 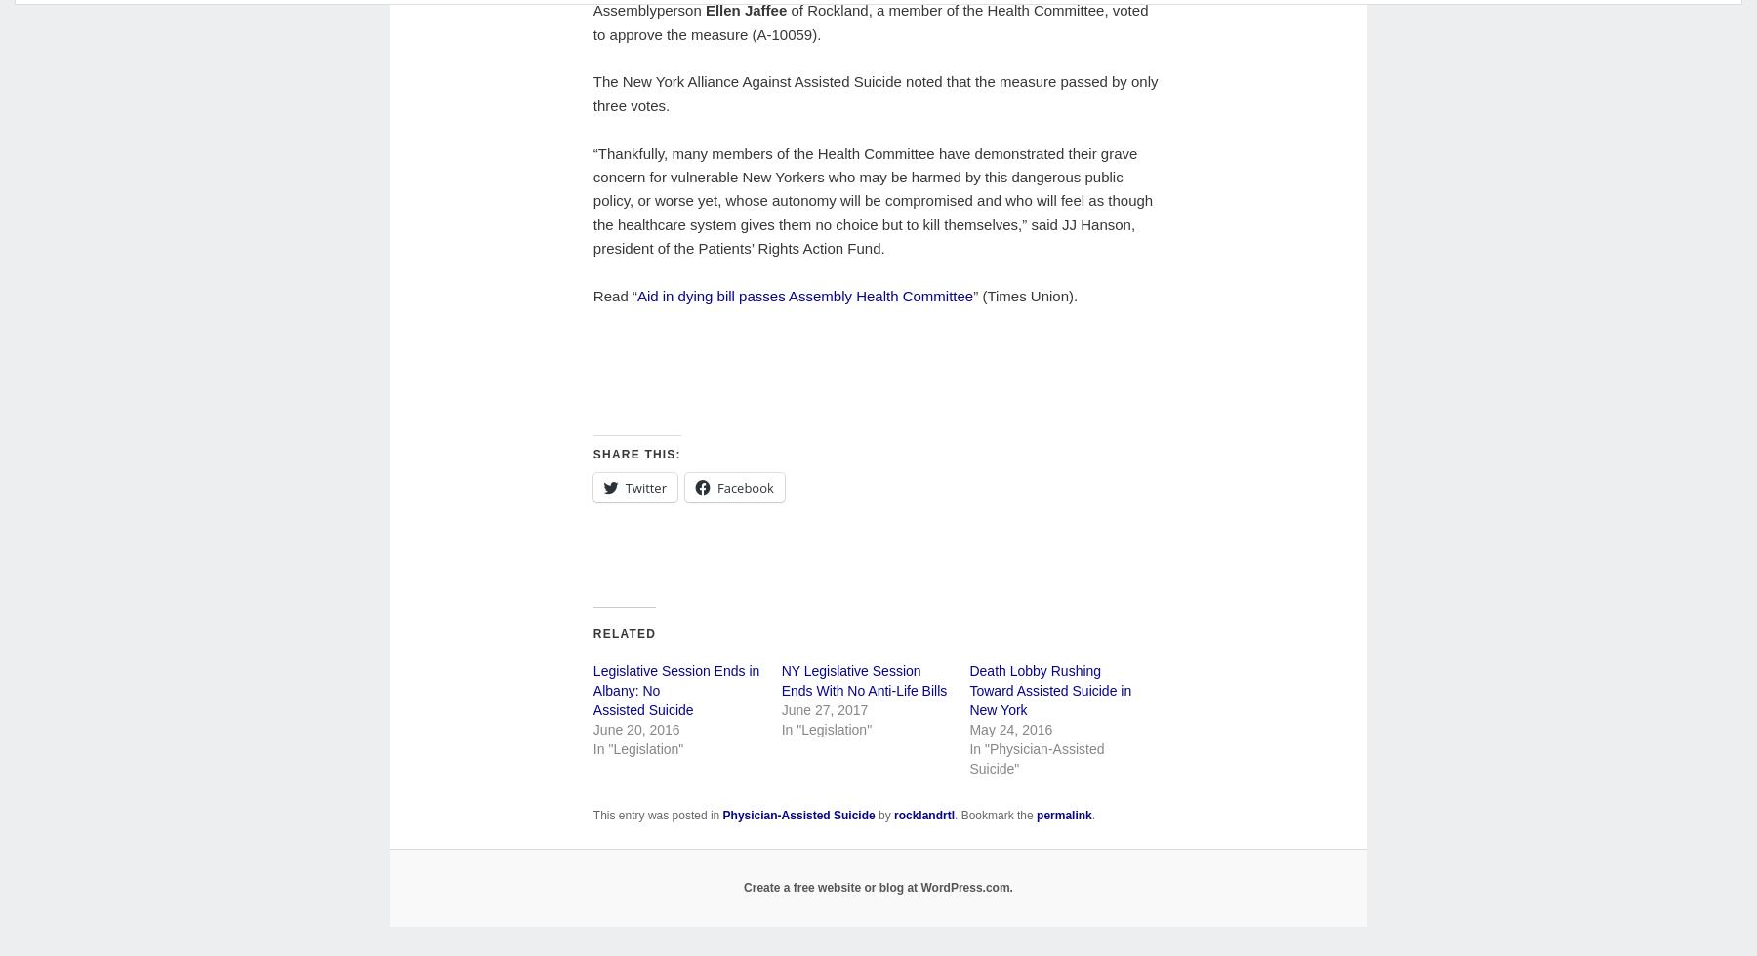 I want to click on 'Ellen Jaffee', so click(x=703, y=10).